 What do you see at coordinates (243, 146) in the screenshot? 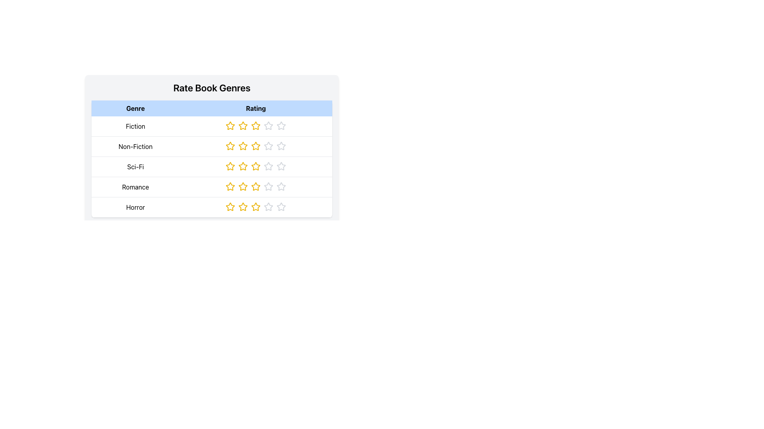
I see `the second star in the five-star rating system under the 'Rating' column for the 'Non-Fiction' row` at bounding box center [243, 146].